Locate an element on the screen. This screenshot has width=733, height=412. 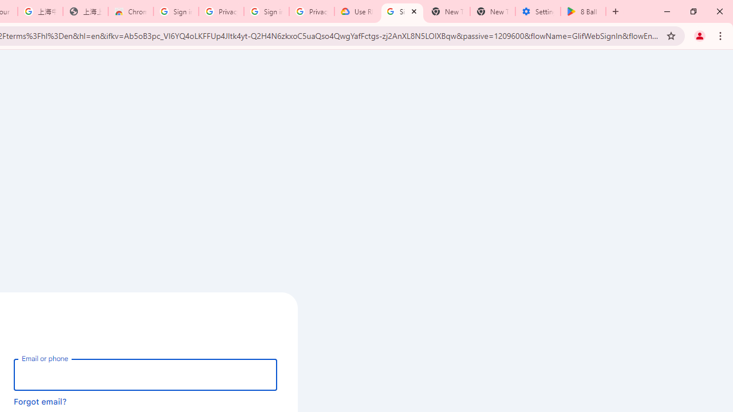
'Settings - System' is located at coordinates (537, 11).